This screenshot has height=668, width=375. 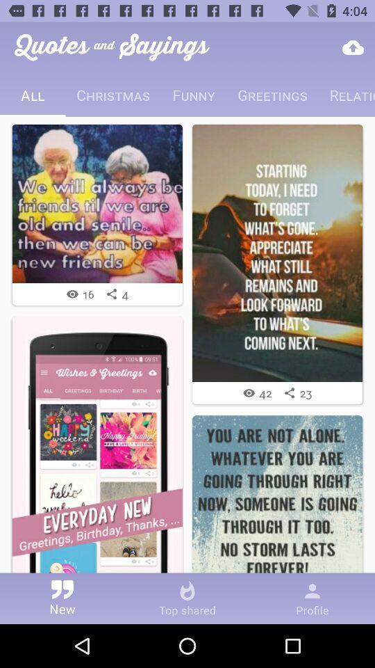 I want to click on quote image, so click(x=277, y=252).